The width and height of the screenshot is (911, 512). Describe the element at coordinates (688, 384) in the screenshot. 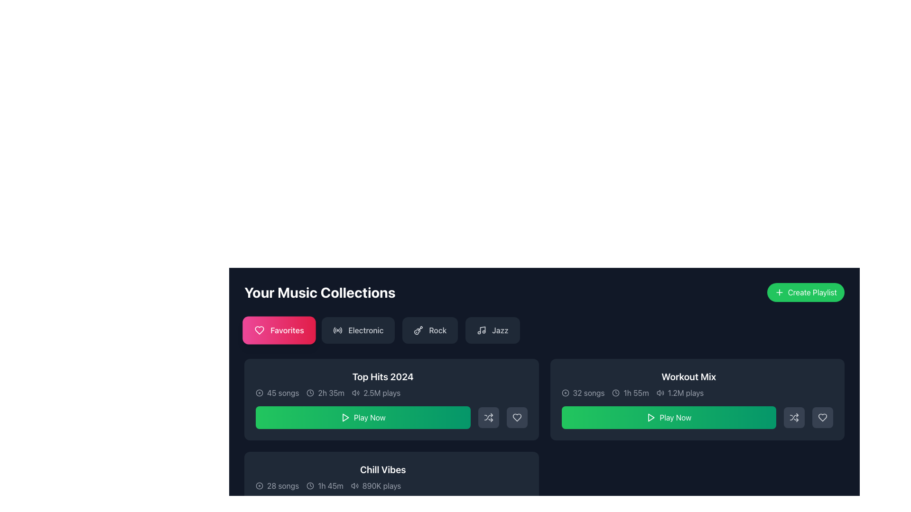

I see `text from the Text panel with metadata and icons, which provides information about a music playlist, located on the right side of the row above the green 'Play Now' button` at that location.